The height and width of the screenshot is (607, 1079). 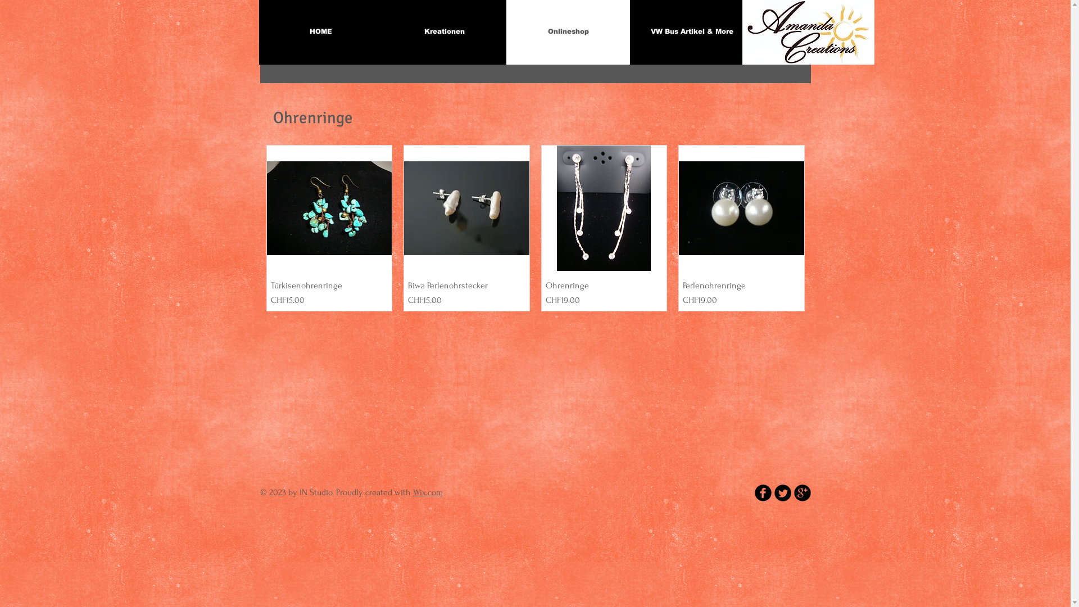 I want to click on 'Ohrenringe, so click(x=603, y=293).